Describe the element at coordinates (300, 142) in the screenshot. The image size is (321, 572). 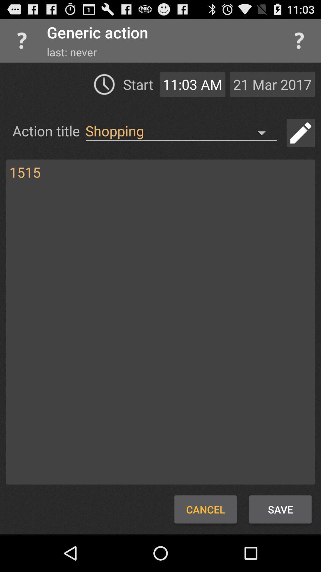
I see `the edit icon` at that location.